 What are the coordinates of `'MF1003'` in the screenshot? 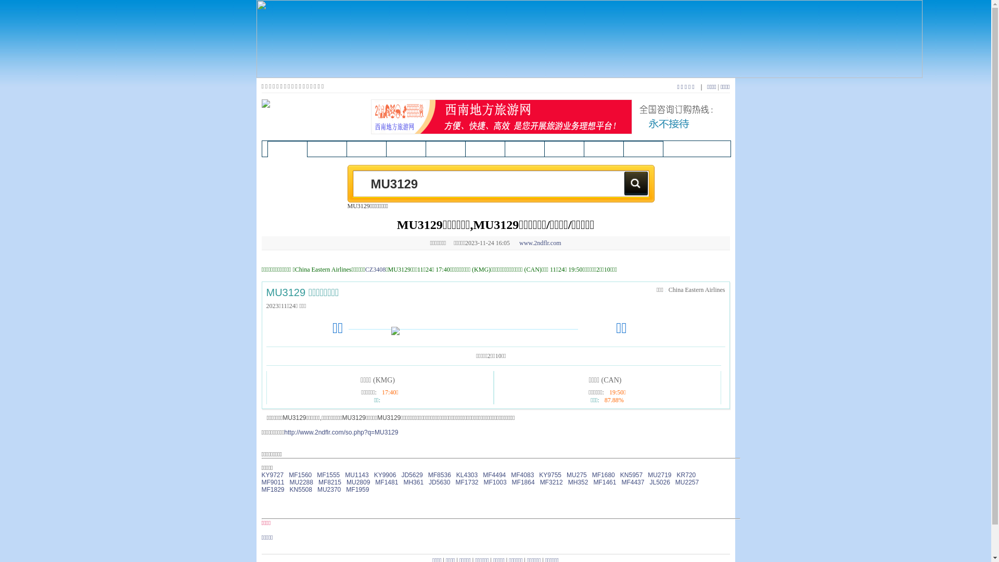 It's located at (494, 482).